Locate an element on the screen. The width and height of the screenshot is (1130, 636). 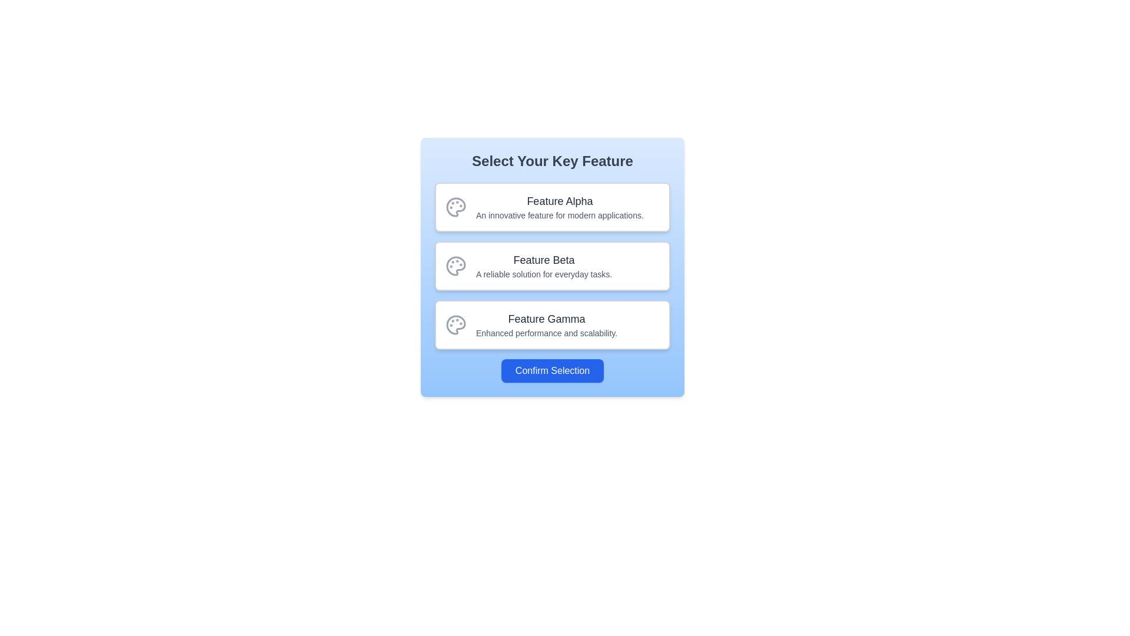
the painter's palette icon, which is a circular gray icon with smaller circles representing paint dabs, located inside the 'Feature Gamma' button is located at coordinates (455, 324).